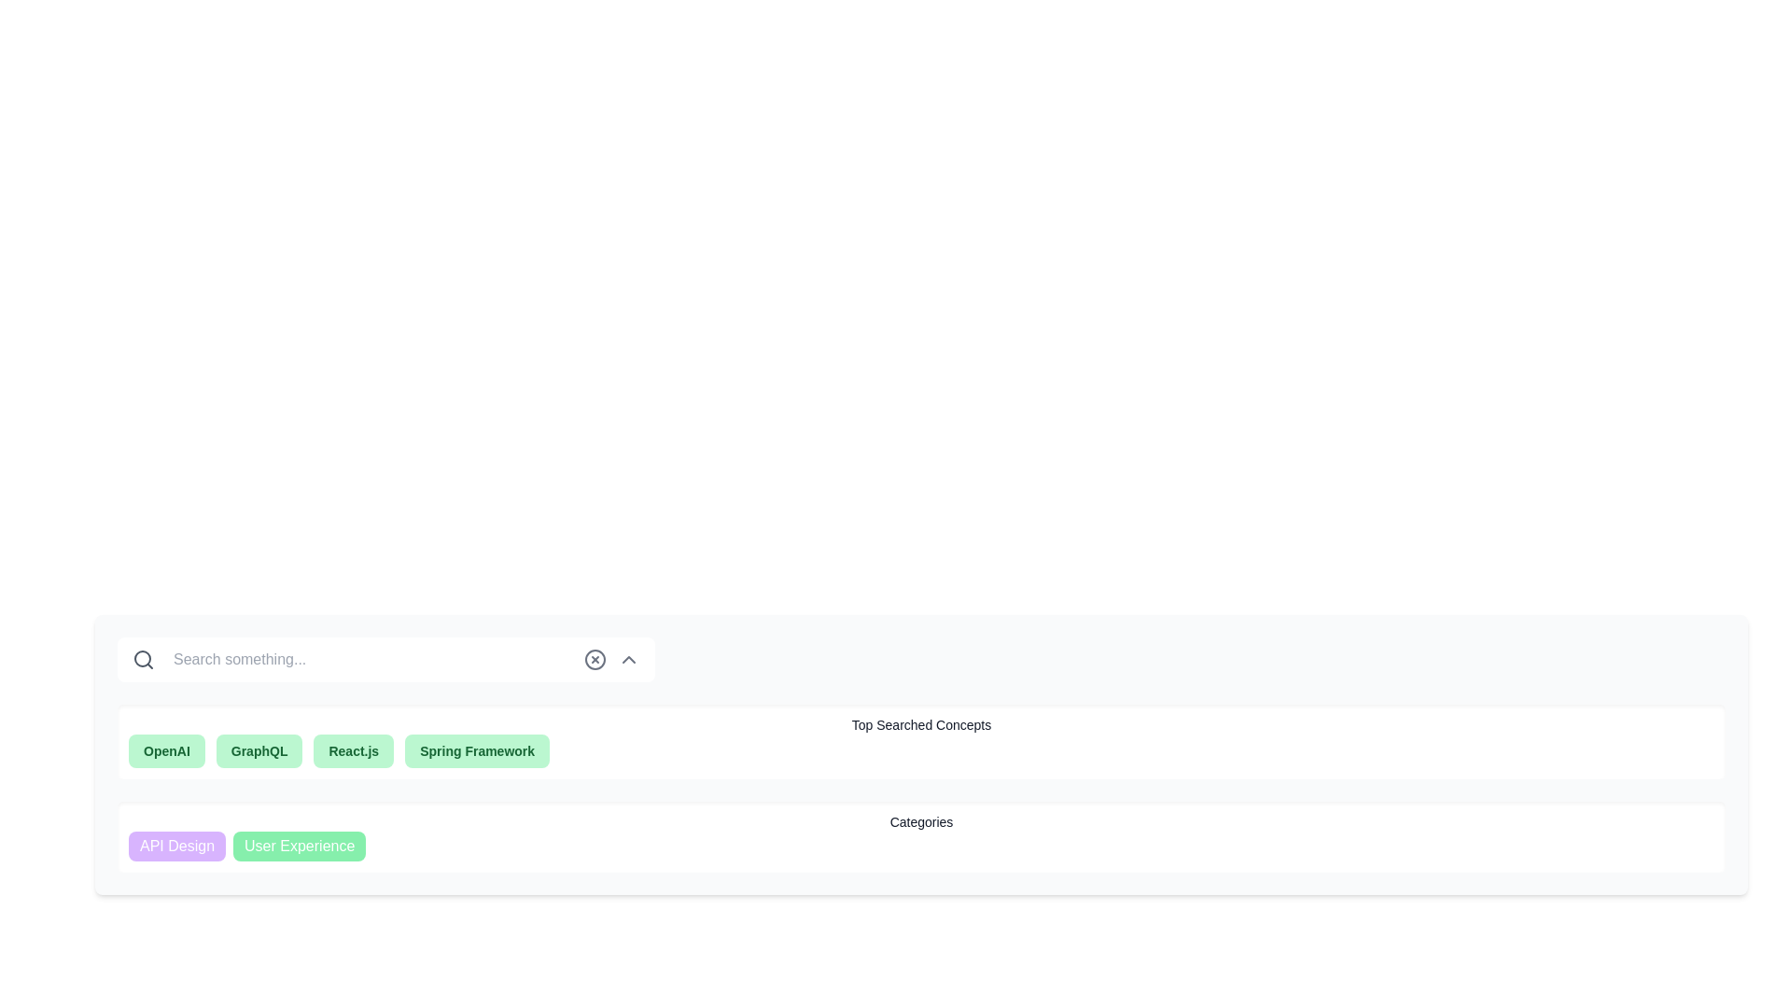 The image size is (1792, 1008). What do you see at coordinates (628, 658) in the screenshot?
I see `the advanced search toggle button located in the rightmost section of its group, which is the eighth sibling` at bounding box center [628, 658].